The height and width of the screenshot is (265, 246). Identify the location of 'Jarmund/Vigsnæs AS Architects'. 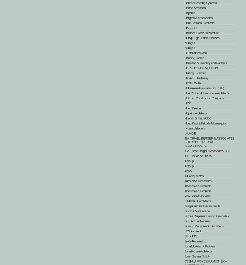
(204, 226).